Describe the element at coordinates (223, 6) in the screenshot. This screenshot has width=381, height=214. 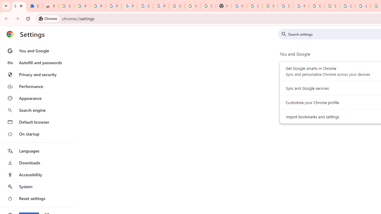
I see `'New Tab'` at that location.